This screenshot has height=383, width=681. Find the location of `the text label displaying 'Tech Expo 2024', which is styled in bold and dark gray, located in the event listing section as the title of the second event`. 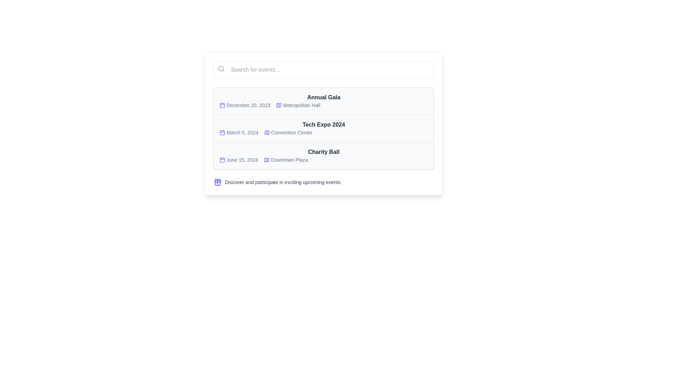

the text label displaying 'Tech Expo 2024', which is styled in bold and dark gray, located in the event listing section as the title of the second event is located at coordinates (323, 124).